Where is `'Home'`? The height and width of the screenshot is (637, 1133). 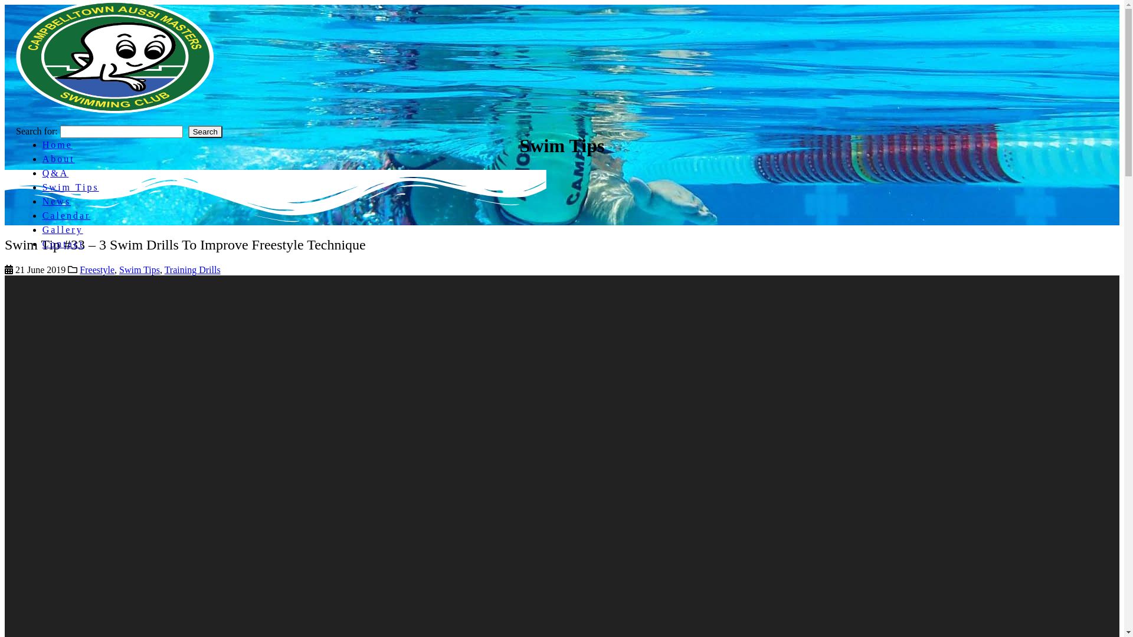
'Home' is located at coordinates (42, 144).